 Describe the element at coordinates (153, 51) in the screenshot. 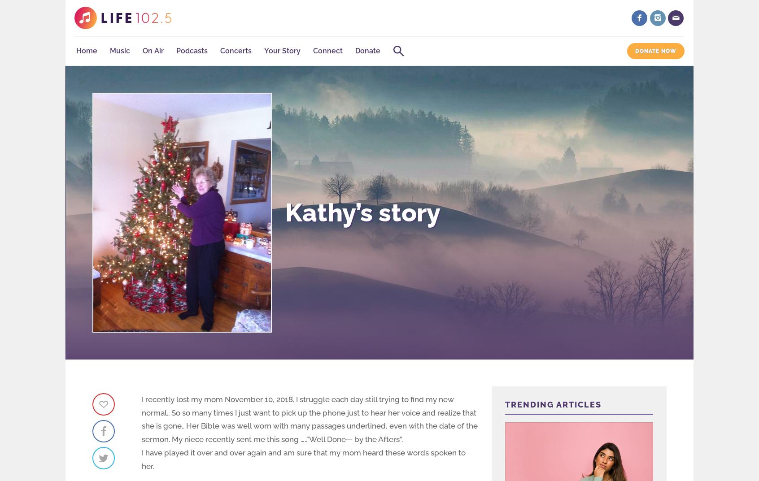

I see `'On Air'` at that location.